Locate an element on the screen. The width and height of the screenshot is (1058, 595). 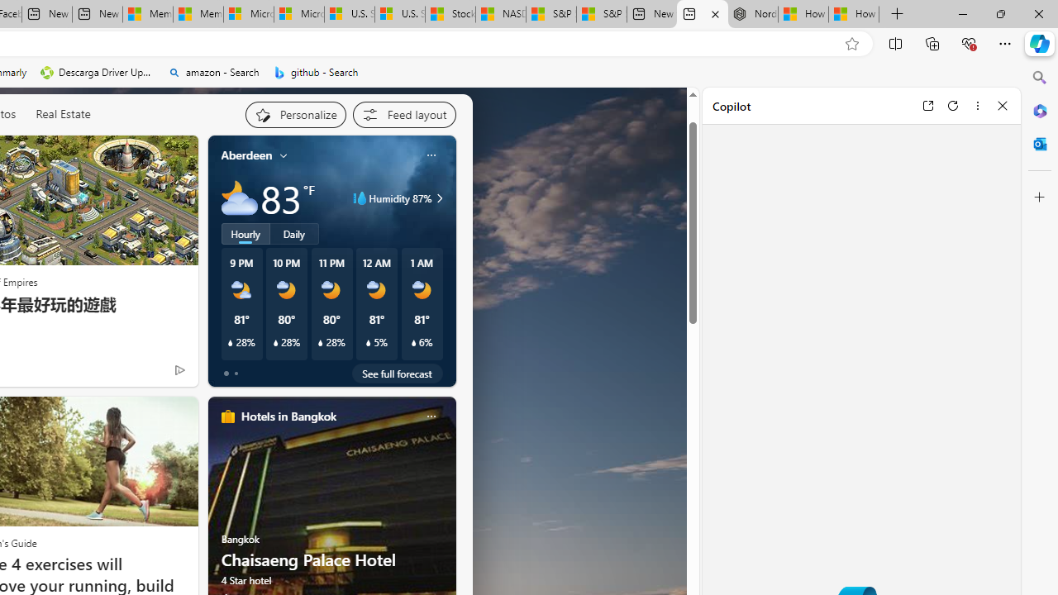
'Nordace - Summer Adventures 2024' is located at coordinates (751, 14).